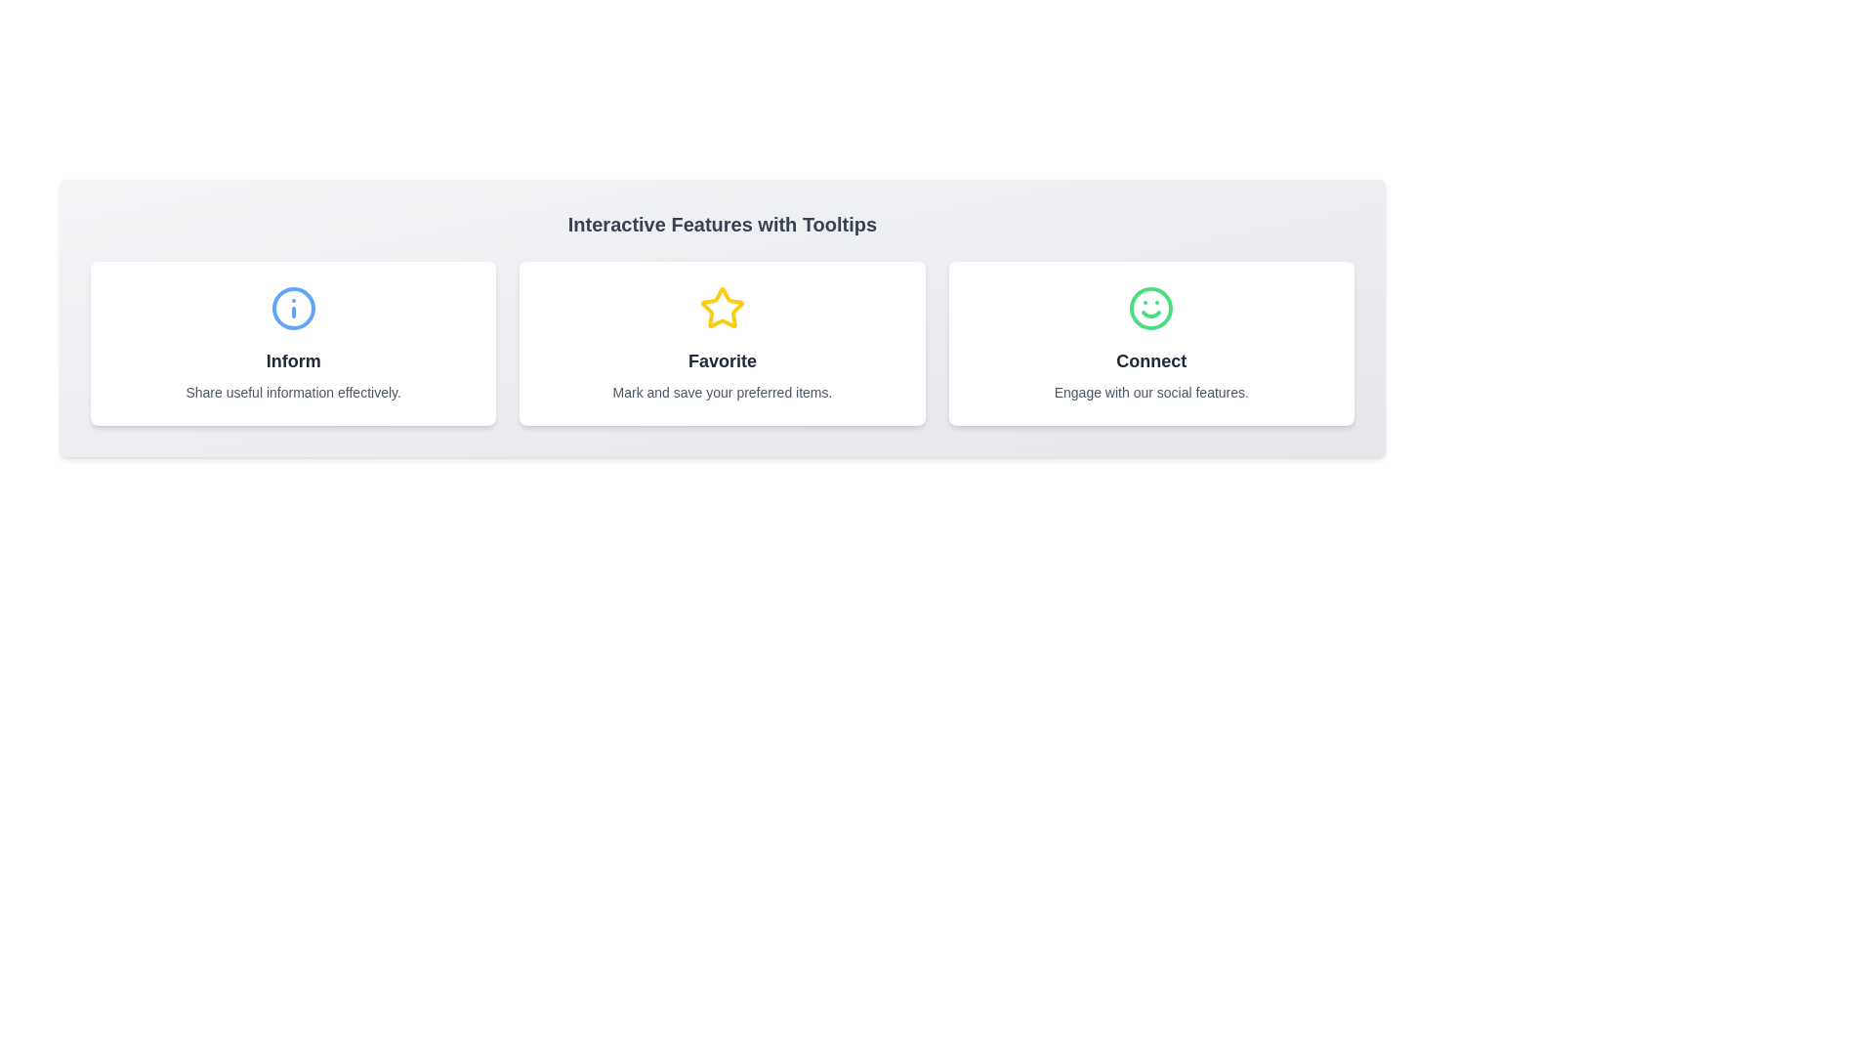 This screenshot has width=1875, height=1055. Describe the element at coordinates (1151, 308) in the screenshot. I see `the graphical representation of the green circular icon depicting a smiling face, which is positioned at the top of the 'Connect' card in the section titled 'Interactive Features with Tooltips'` at that location.